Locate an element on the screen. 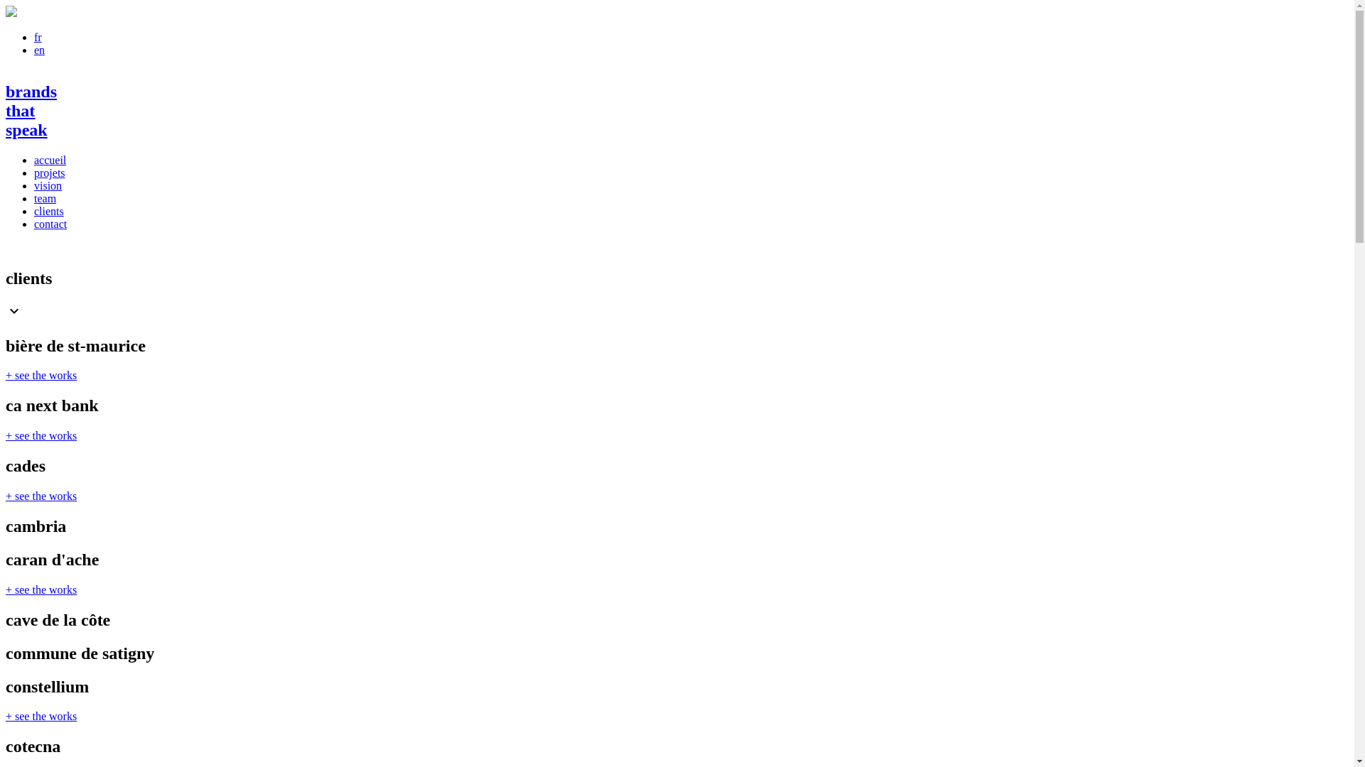  'en' is located at coordinates (39, 49).